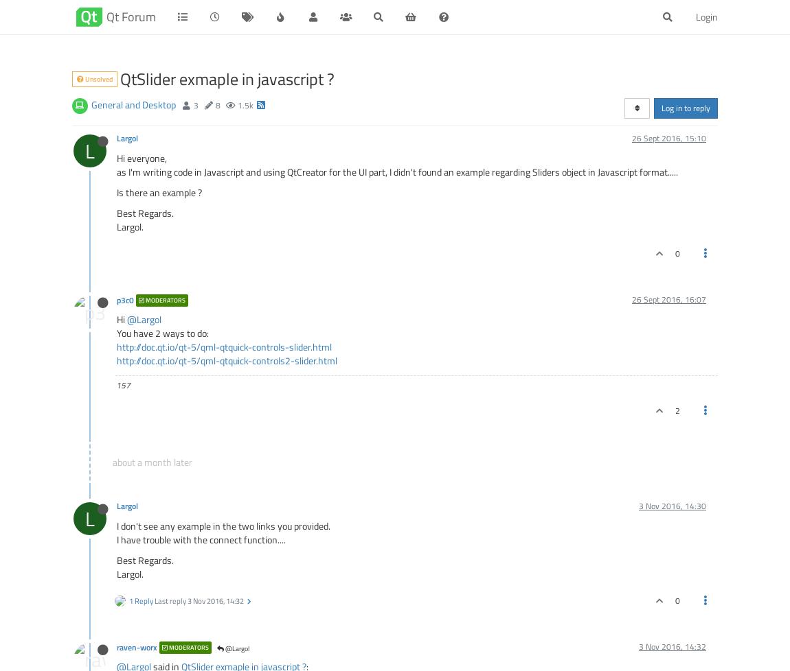 The image size is (790, 671). I want to click on 'Last reply', so click(154, 600).